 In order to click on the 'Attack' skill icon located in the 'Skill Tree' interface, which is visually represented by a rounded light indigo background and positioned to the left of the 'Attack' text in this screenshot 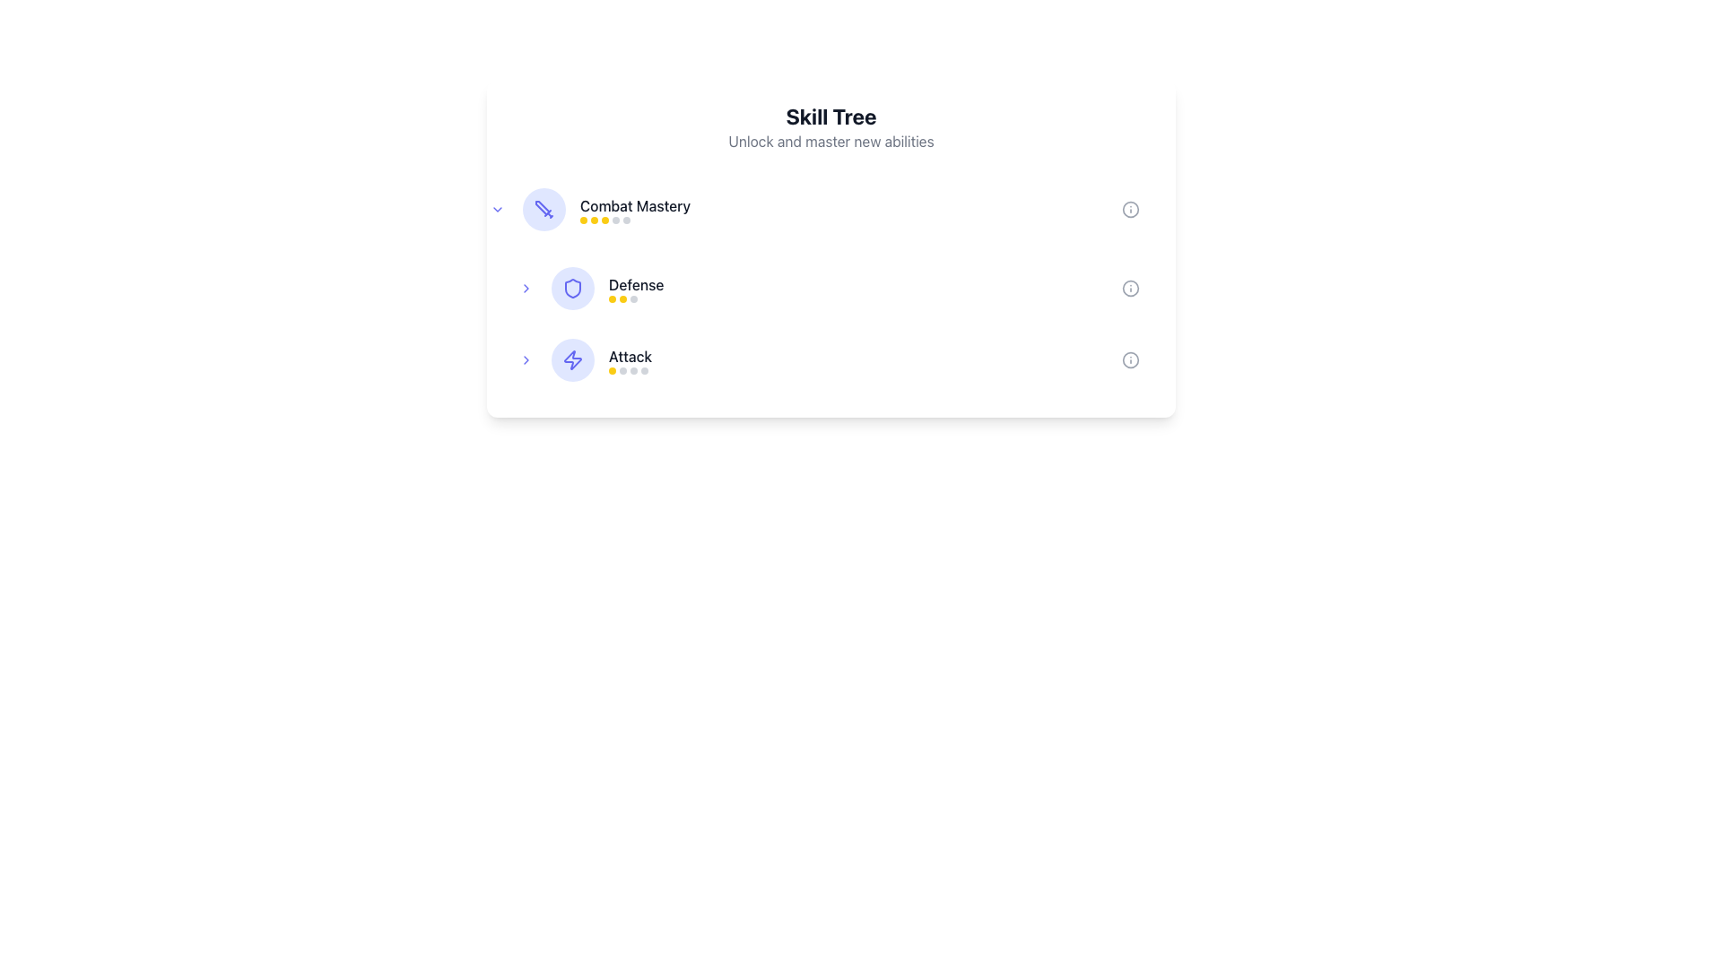, I will do `click(571, 359)`.